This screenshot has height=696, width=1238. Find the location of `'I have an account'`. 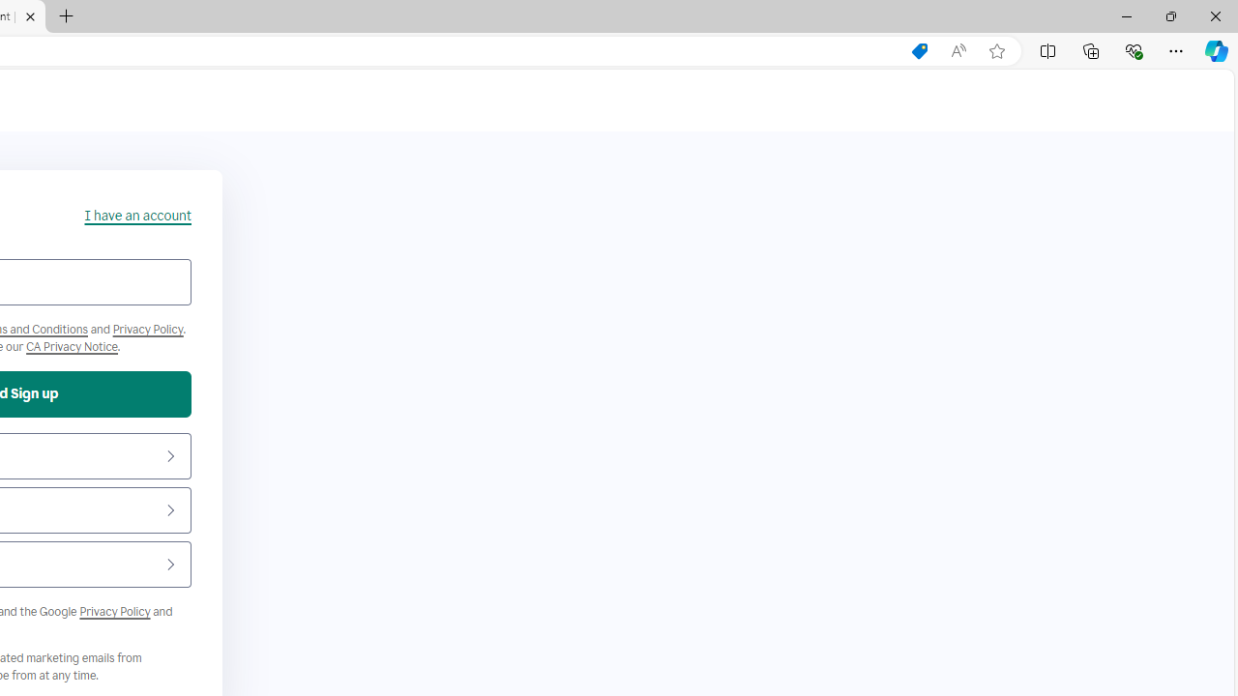

'I have an account' is located at coordinates (136, 216).